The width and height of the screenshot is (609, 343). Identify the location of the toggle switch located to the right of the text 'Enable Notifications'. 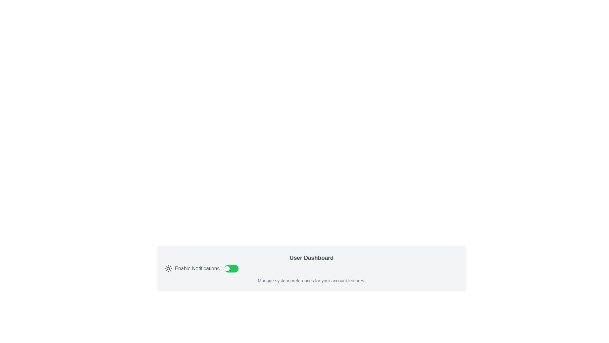
(231, 268).